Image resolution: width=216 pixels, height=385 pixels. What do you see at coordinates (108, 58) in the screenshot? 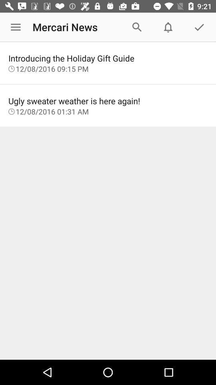
I see `the introducing the holiday item` at bounding box center [108, 58].